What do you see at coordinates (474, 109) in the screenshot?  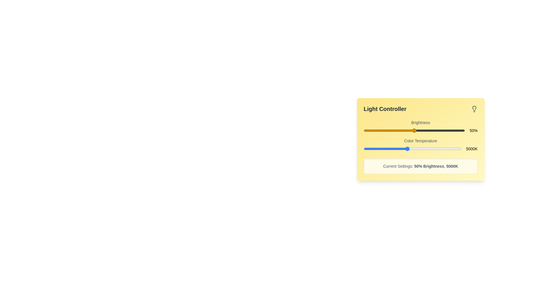 I see `the lightbulb icon to activate its functionality` at bounding box center [474, 109].